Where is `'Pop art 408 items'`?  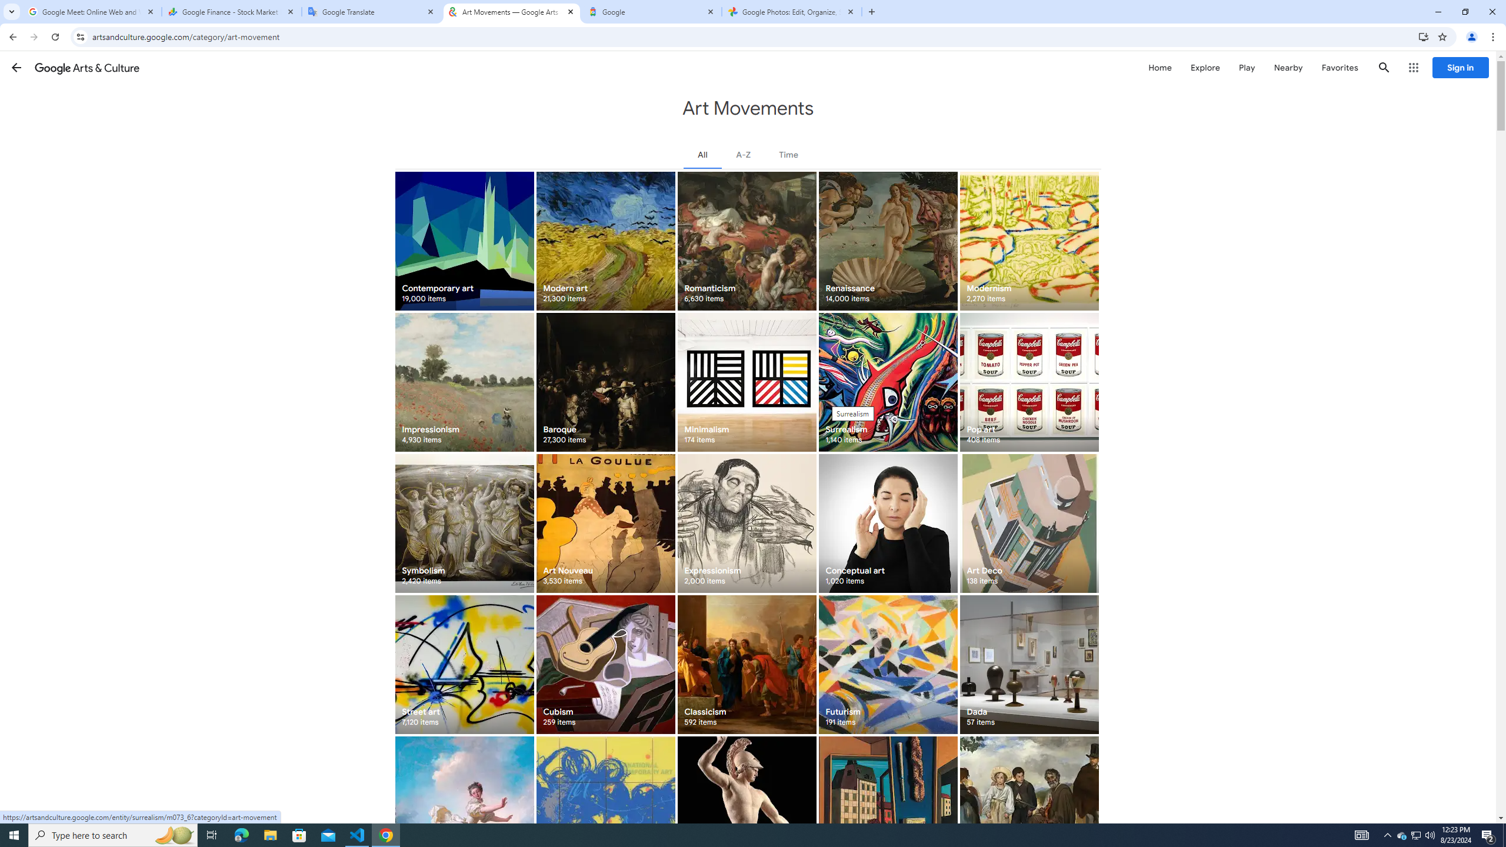
'Pop art 408 items' is located at coordinates (1028, 381).